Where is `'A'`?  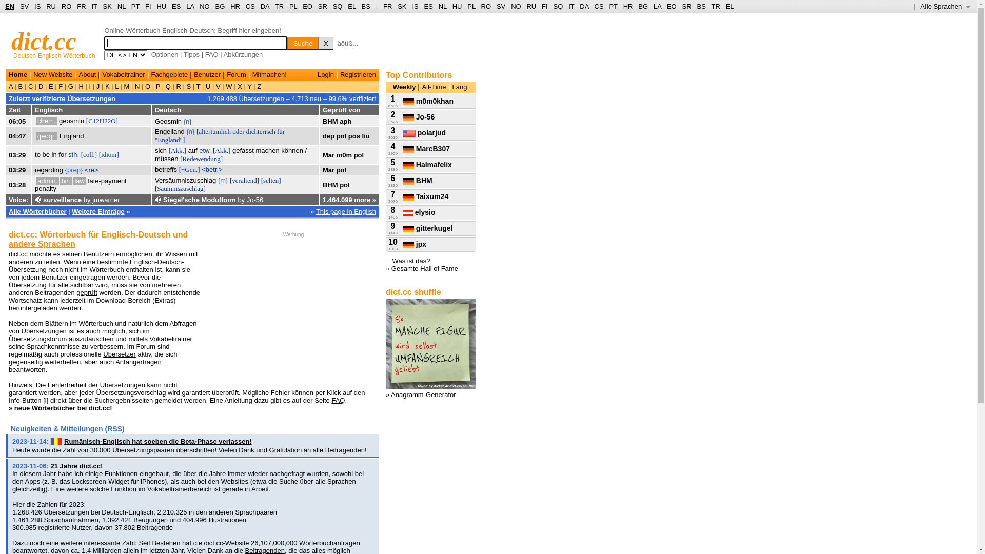 'A' is located at coordinates (12, 86).